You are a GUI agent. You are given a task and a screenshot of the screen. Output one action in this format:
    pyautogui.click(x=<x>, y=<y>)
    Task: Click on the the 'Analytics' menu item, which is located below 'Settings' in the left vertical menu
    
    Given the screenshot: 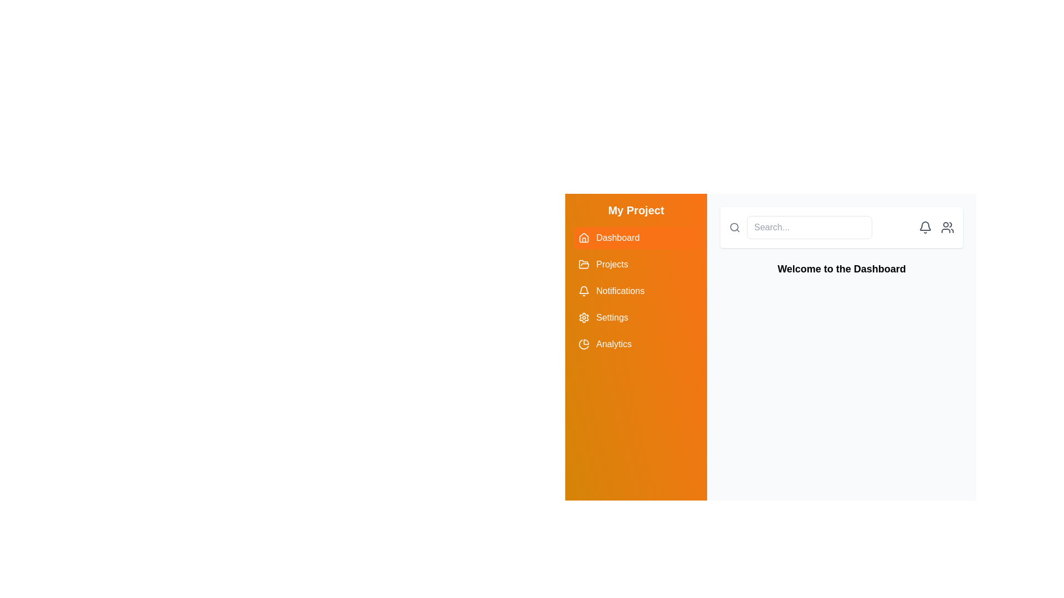 What is the action you would take?
    pyautogui.click(x=613, y=343)
    